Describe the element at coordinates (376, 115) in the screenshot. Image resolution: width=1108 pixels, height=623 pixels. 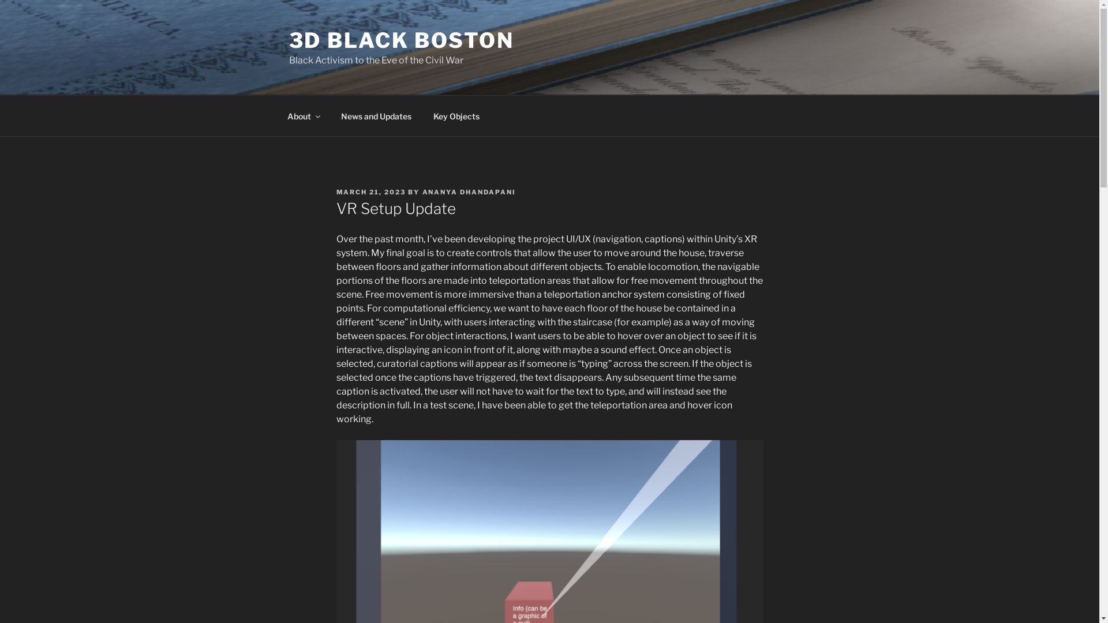
I see `'News and Updates'` at that location.